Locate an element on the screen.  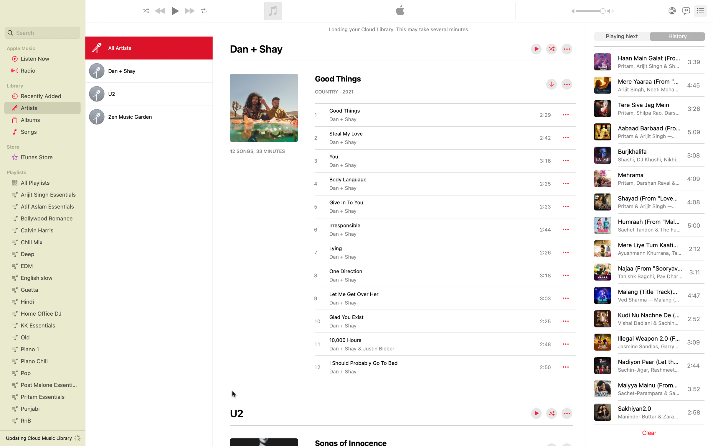
Start the track "Malang is located at coordinates (648, 295).